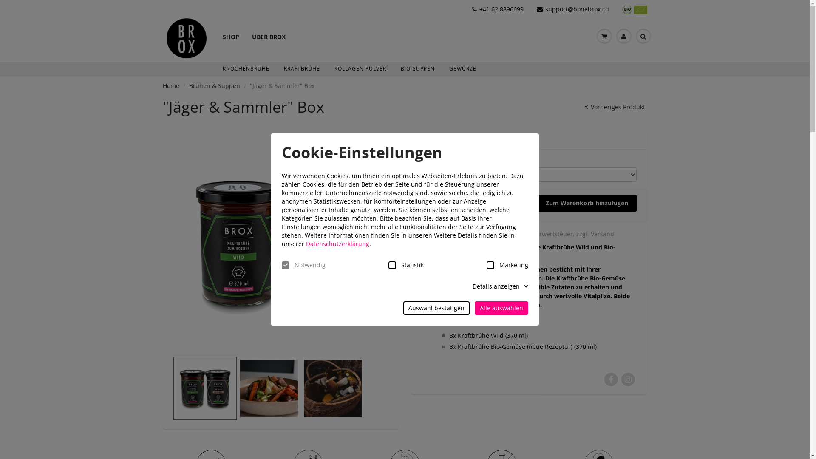 This screenshot has height=459, width=816. What do you see at coordinates (573, 9) in the screenshot?
I see `'support@bonebrox.ch'` at bounding box center [573, 9].